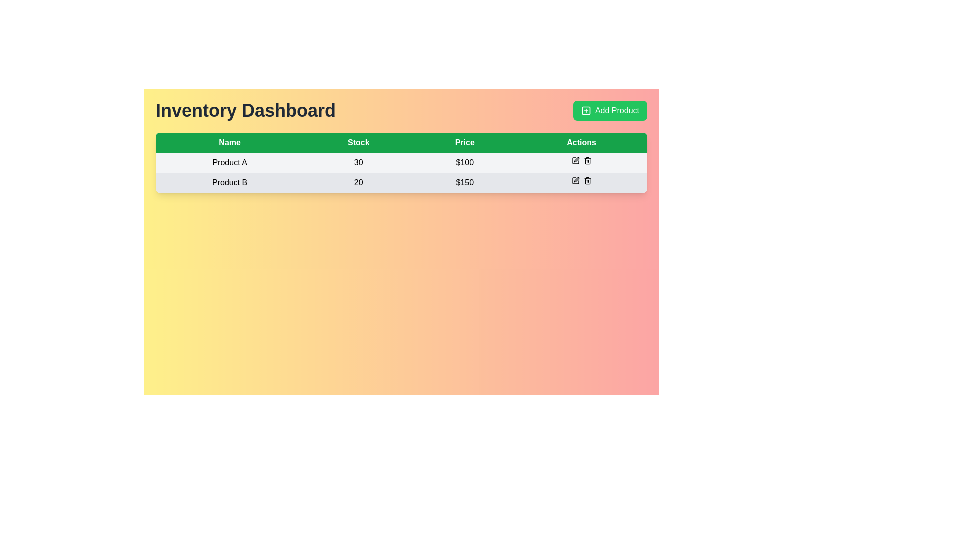 This screenshot has width=959, height=539. What do you see at coordinates (575, 181) in the screenshot?
I see `the edit icon button located in the rightmost column labeled 'Actions' of the second row in the table to modify the details of the associated table row` at bounding box center [575, 181].